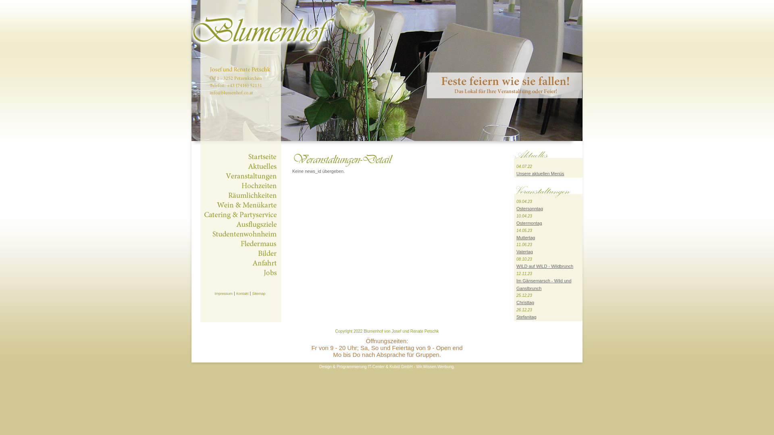 The height and width of the screenshot is (435, 774). What do you see at coordinates (529, 223) in the screenshot?
I see `'Ostermontag'` at bounding box center [529, 223].